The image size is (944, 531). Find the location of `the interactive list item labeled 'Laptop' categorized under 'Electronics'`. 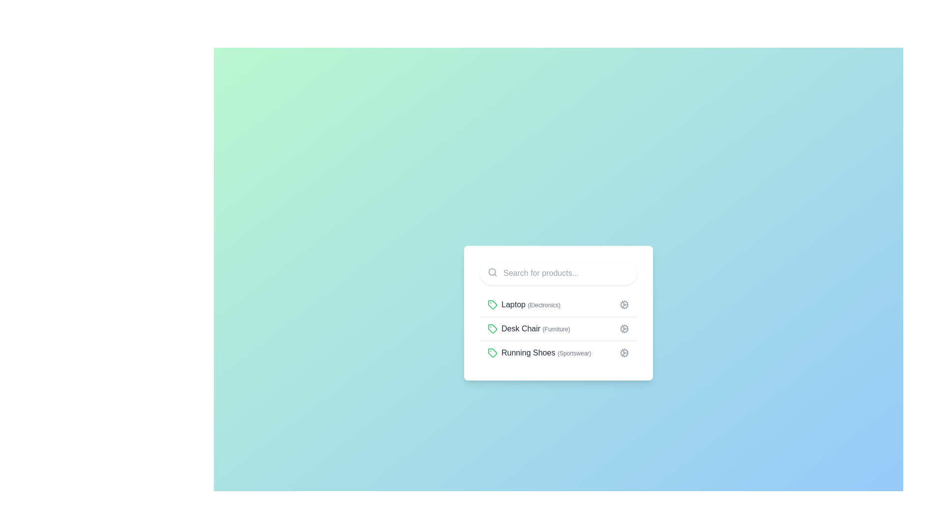

the interactive list item labeled 'Laptop' categorized under 'Electronics' is located at coordinates (559, 313).